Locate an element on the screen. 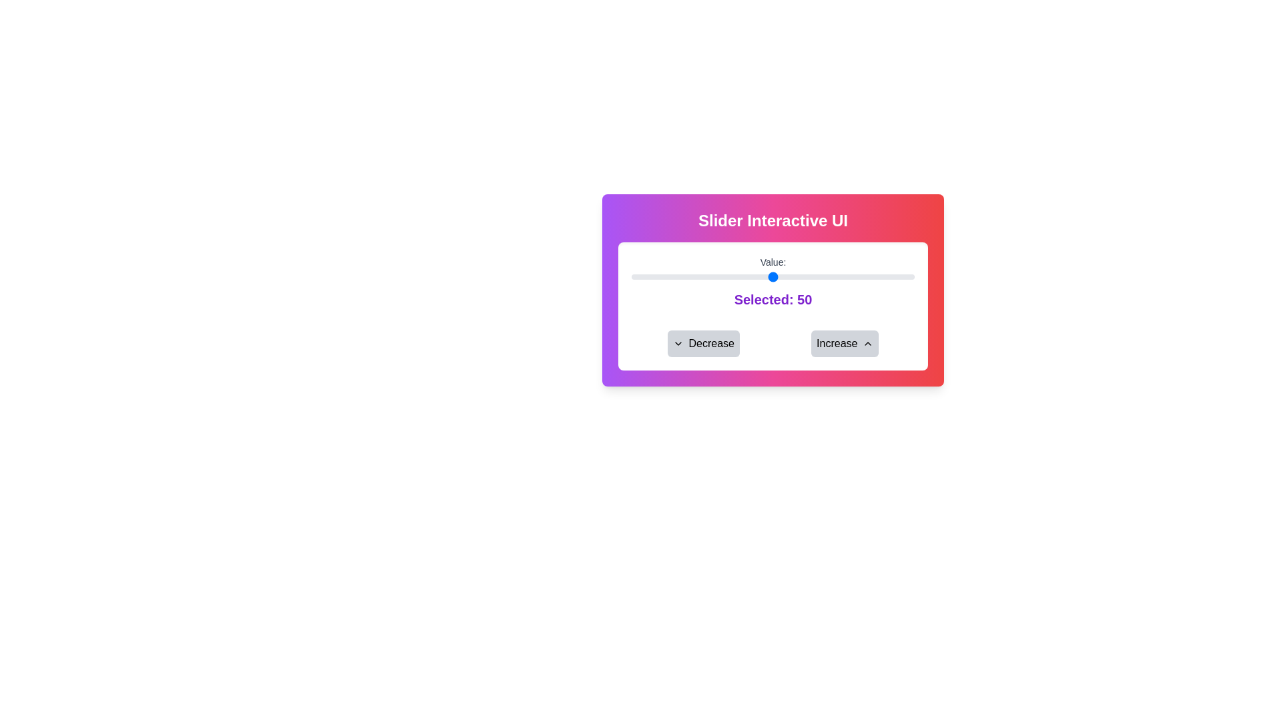  the down-chevron icon within the 'Decrease' button is located at coordinates (678, 343).